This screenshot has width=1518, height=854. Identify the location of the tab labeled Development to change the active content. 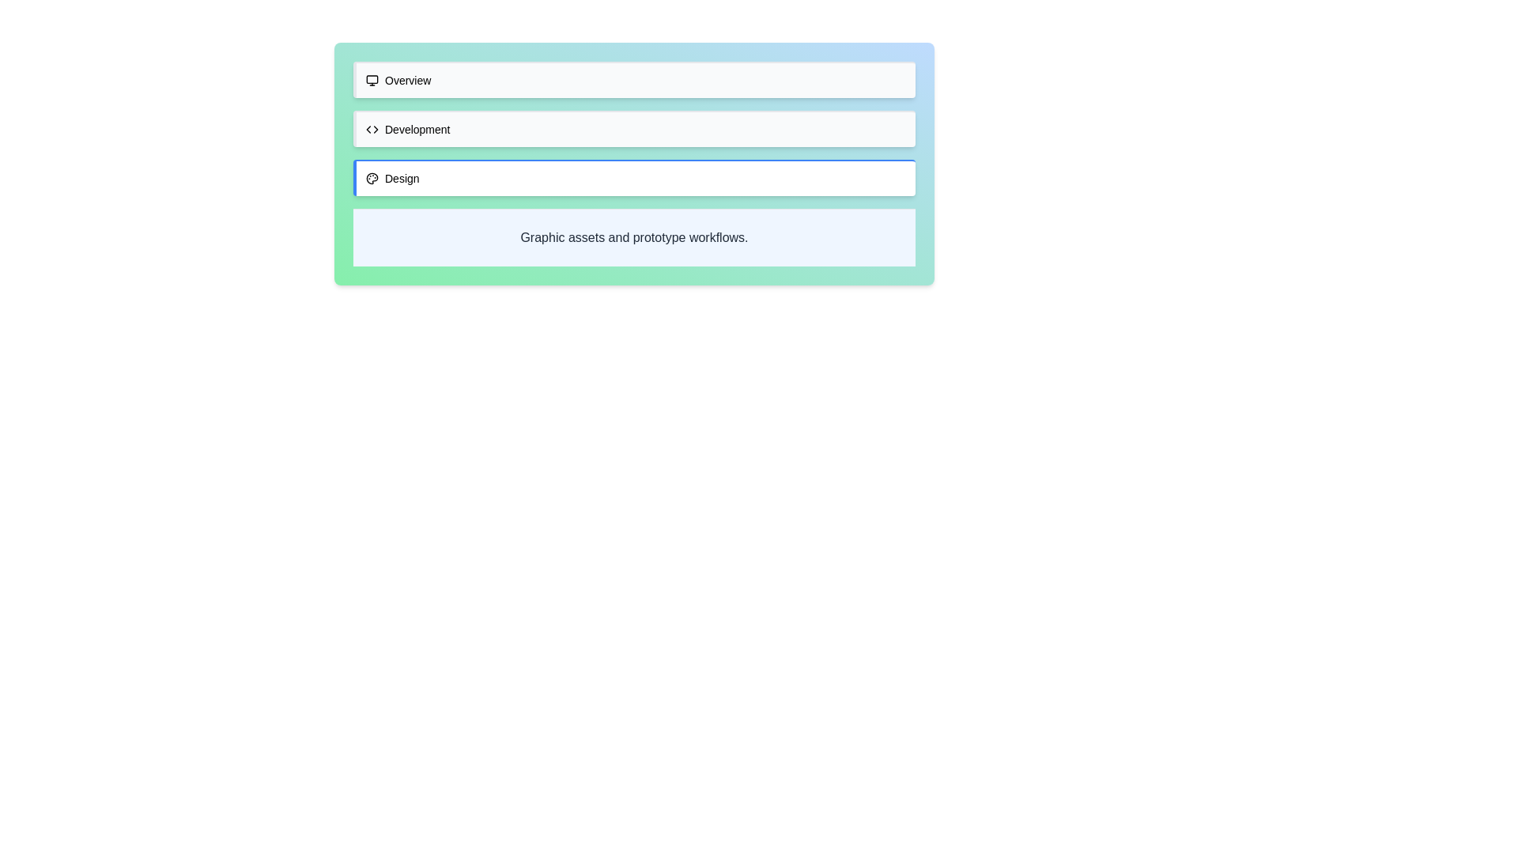
(634, 127).